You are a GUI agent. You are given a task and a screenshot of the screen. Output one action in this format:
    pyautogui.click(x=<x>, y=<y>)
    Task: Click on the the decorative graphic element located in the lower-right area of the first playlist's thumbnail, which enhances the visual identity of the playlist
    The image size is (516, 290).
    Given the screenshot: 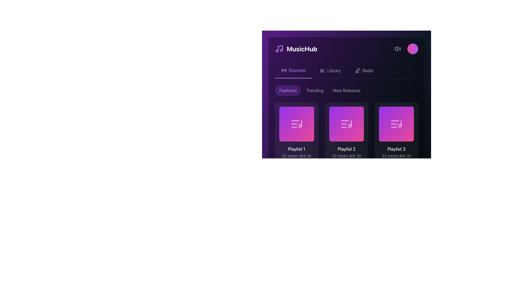 What is the action you would take?
    pyautogui.click(x=300, y=126)
    